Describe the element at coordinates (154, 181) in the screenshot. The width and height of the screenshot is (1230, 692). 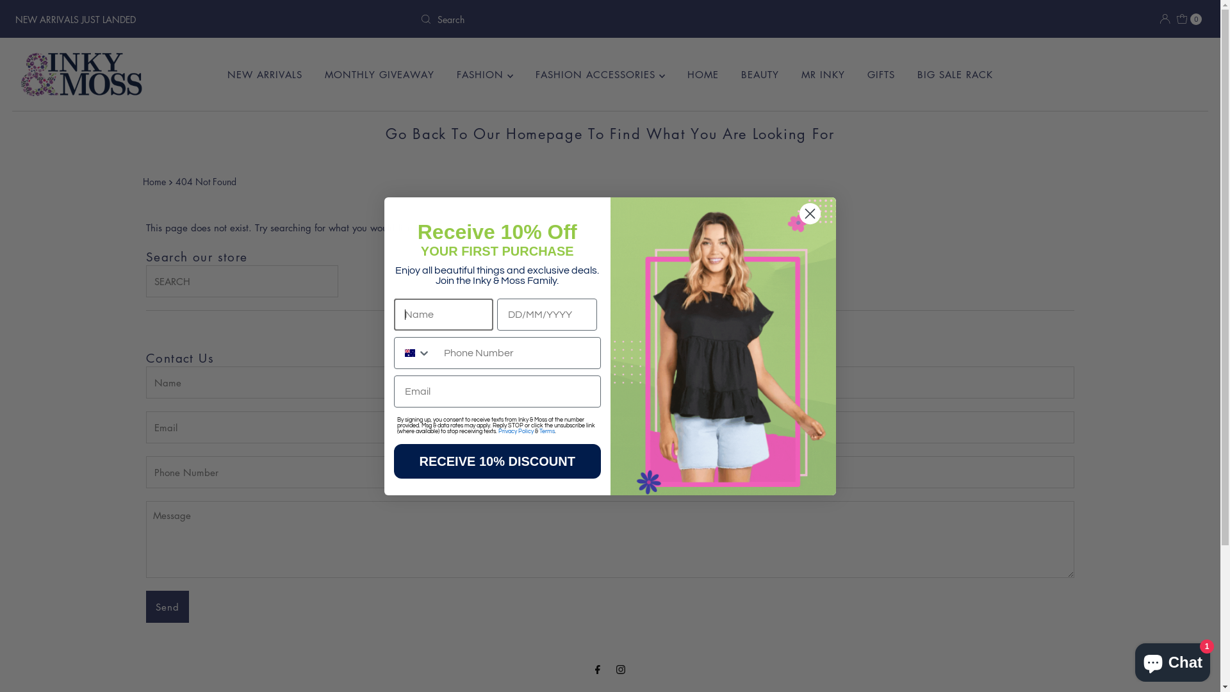
I see `'Home'` at that location.